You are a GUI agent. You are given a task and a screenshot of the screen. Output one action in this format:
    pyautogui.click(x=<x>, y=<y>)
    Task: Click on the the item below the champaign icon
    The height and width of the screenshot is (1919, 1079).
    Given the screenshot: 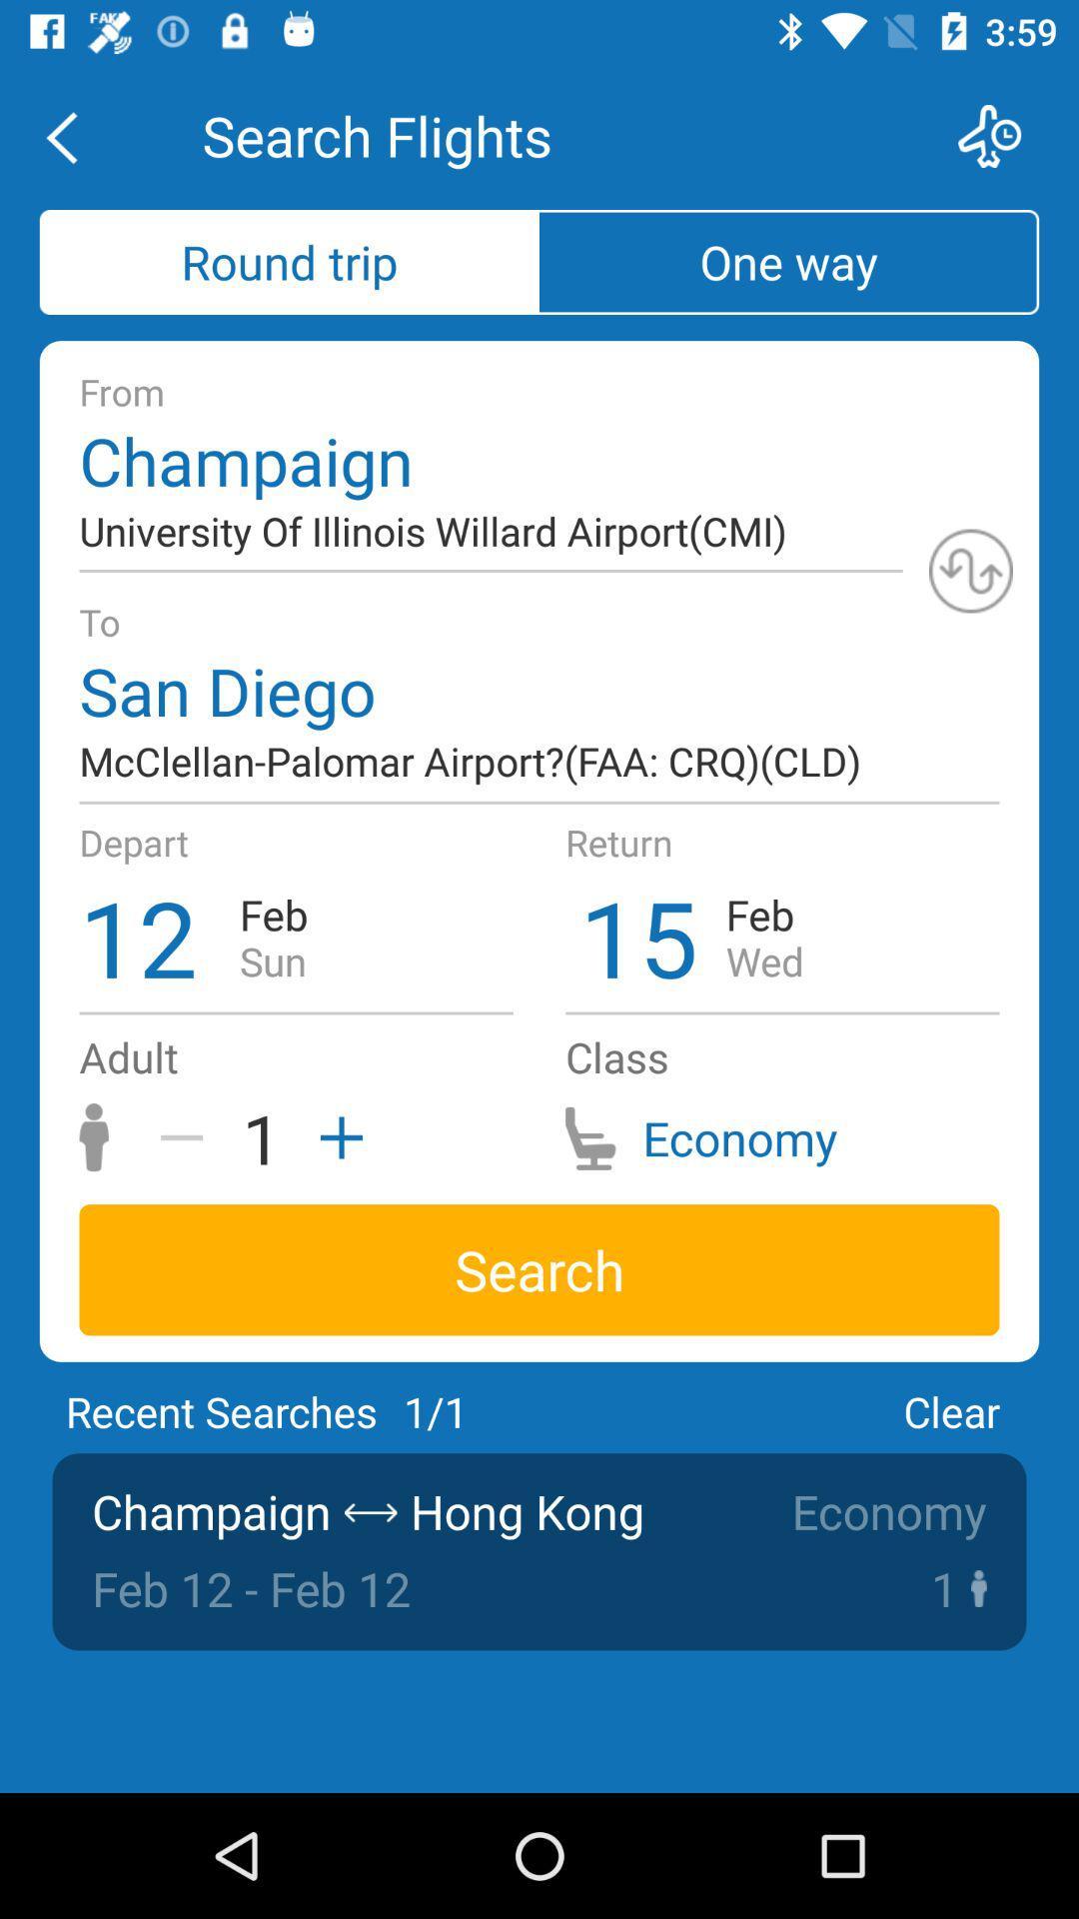 What is the action you would take?
    pyautogui.click(x=970, y=570)
    